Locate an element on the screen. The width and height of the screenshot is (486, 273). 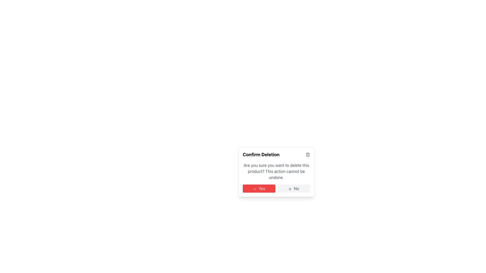
the text label that serves as the title for the confirmation modal, located at the top-left corner of the dialog box is located at coordinates (261, 154).